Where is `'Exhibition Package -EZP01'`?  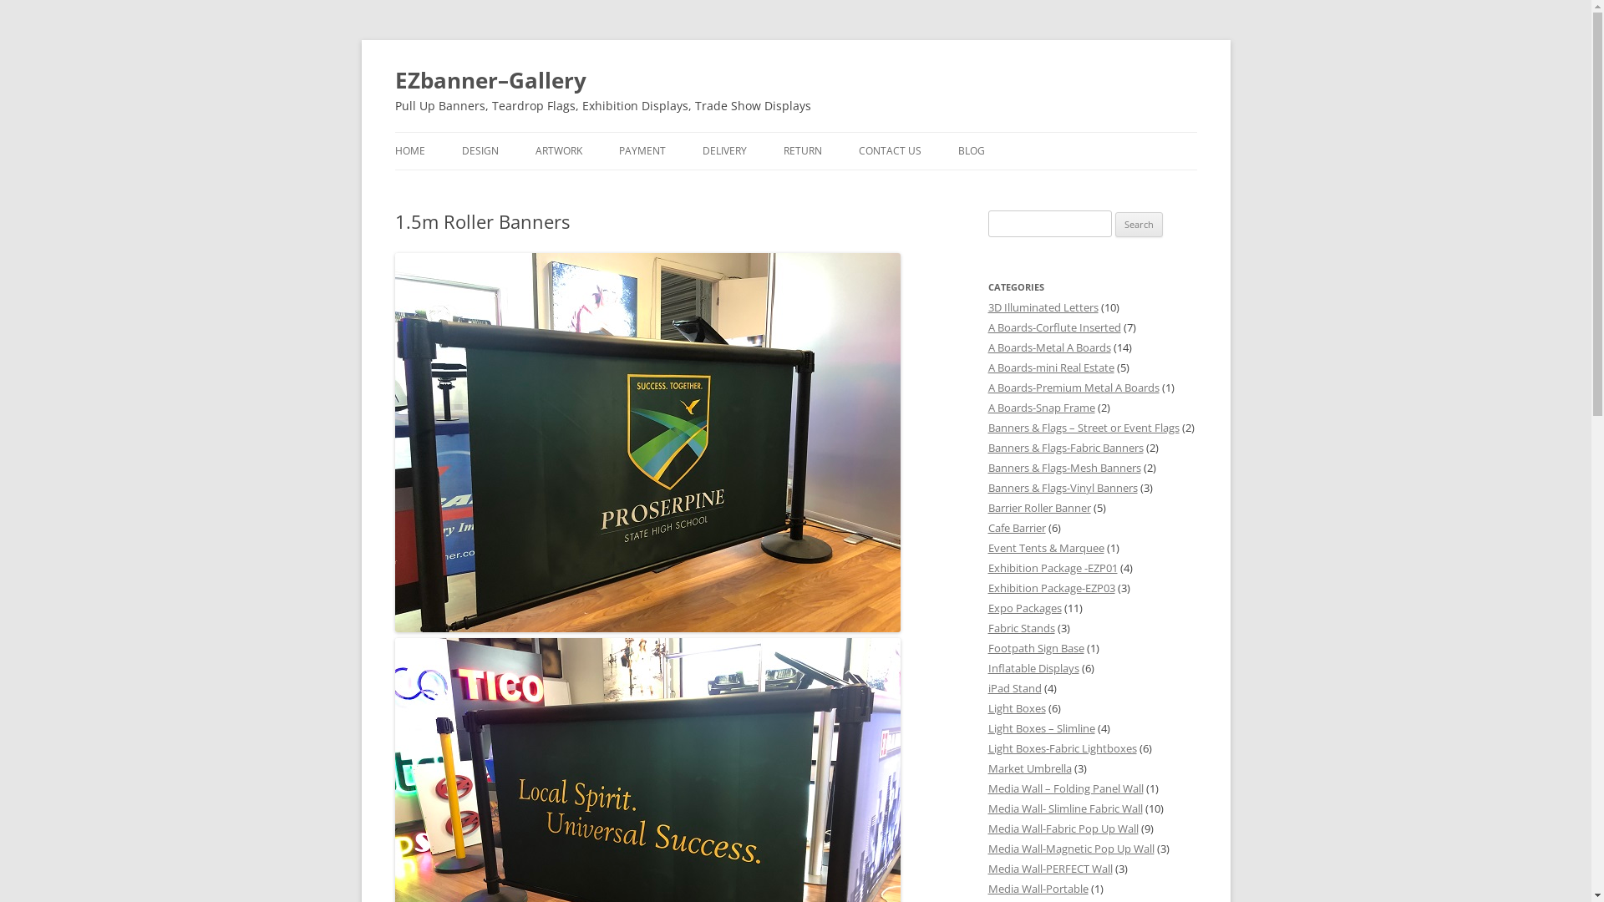 'Exhibition Package -EZP01' is located at coordinates (1051, 566).